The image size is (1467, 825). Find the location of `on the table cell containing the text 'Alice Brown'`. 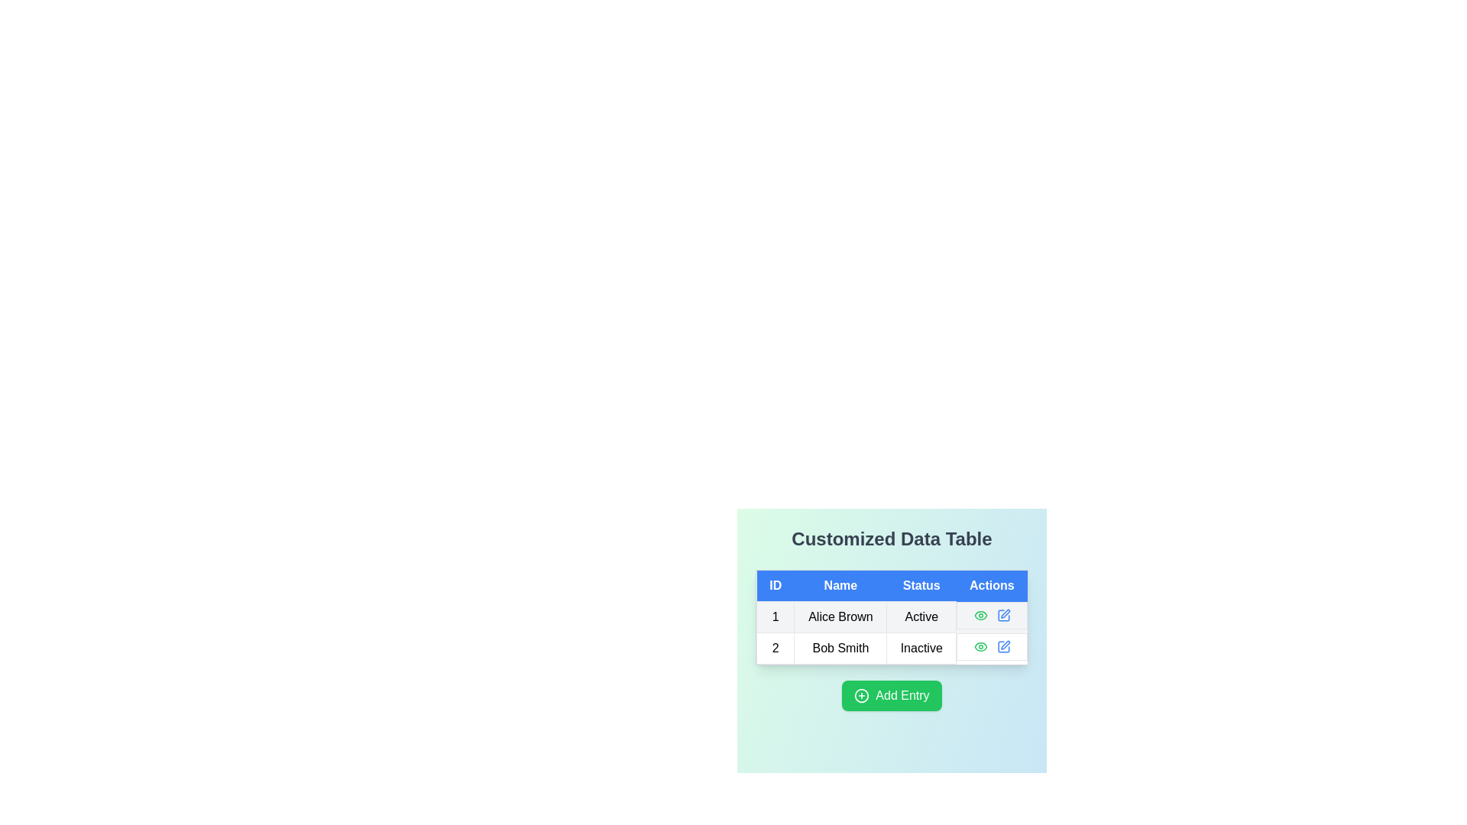

on the table cell containing the text 'Alice Brown' is located at coordinates (839, 616).